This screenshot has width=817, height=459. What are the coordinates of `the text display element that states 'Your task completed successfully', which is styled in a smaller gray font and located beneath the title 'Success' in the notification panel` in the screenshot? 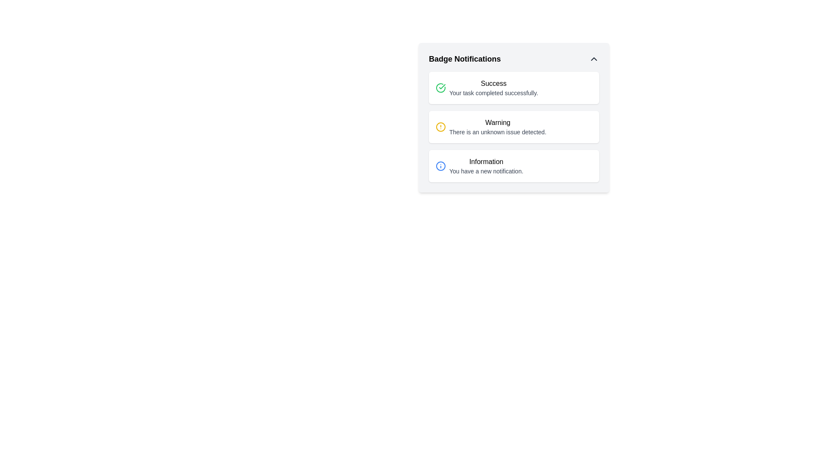 It's located at (494, 93).